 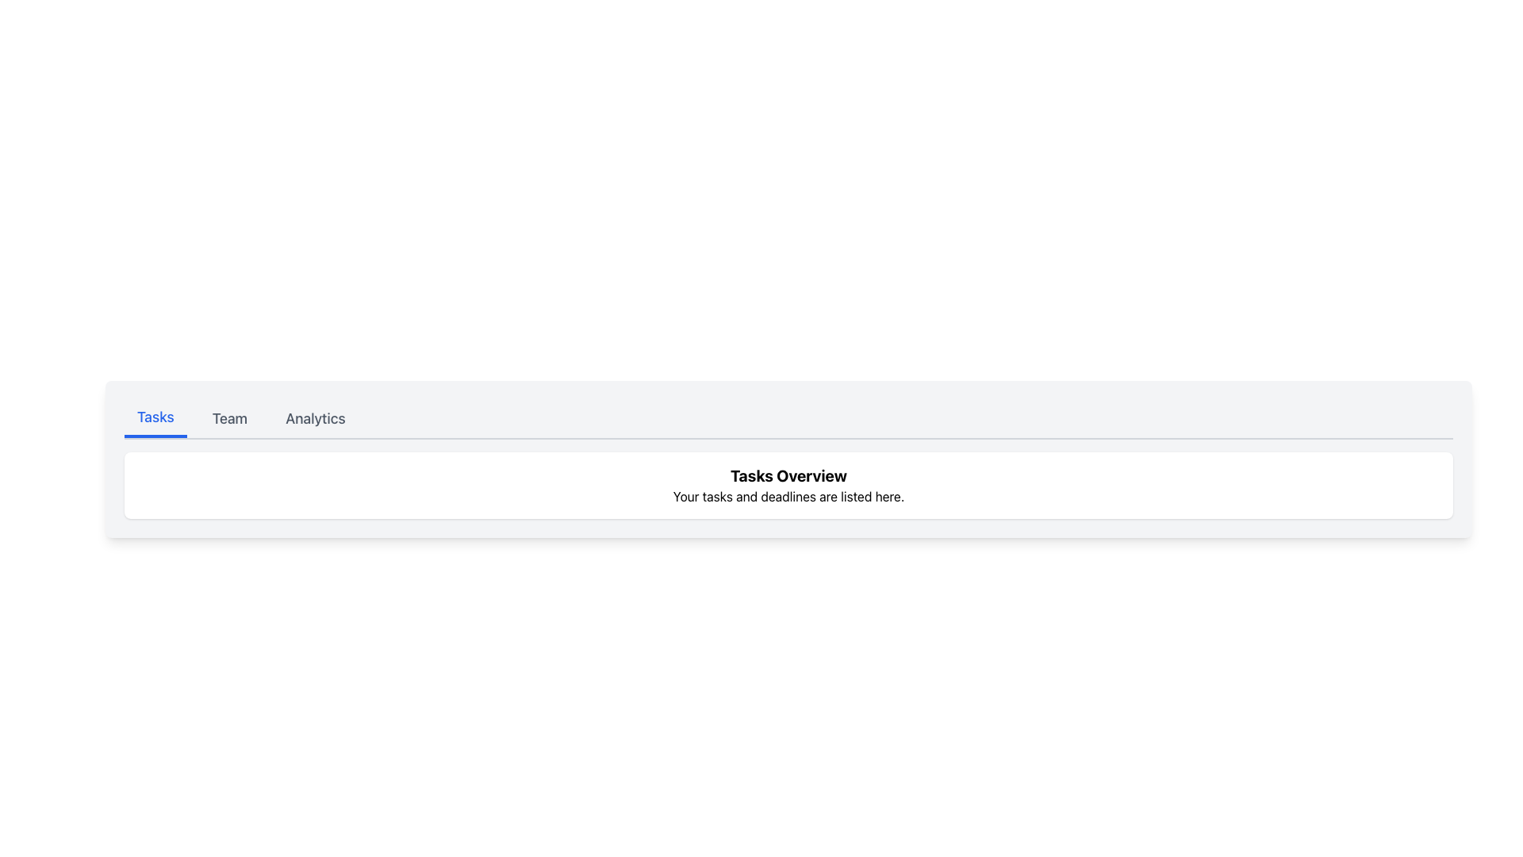 What do you see at coordinates (155, 418) in the screenshot?
I see `the first tab in the horizontal navigation bar labeled 'Tasks'` at bounding box center [155, 418].